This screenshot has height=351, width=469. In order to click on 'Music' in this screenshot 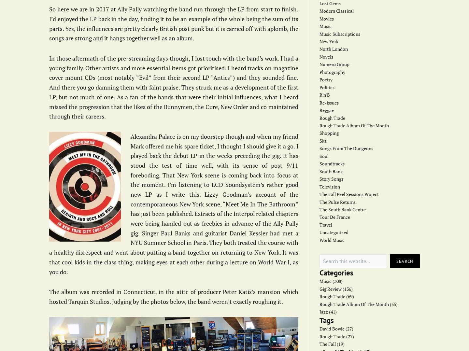, I will do `click(325, 26)`.